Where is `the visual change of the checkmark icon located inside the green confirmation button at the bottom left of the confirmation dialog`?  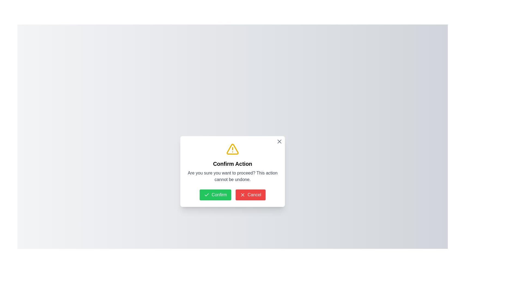
the visual change of the checkmark icon located inside the green confirmation button at the bottom left of the confirmation dialog is located at coordinates (206, 194).